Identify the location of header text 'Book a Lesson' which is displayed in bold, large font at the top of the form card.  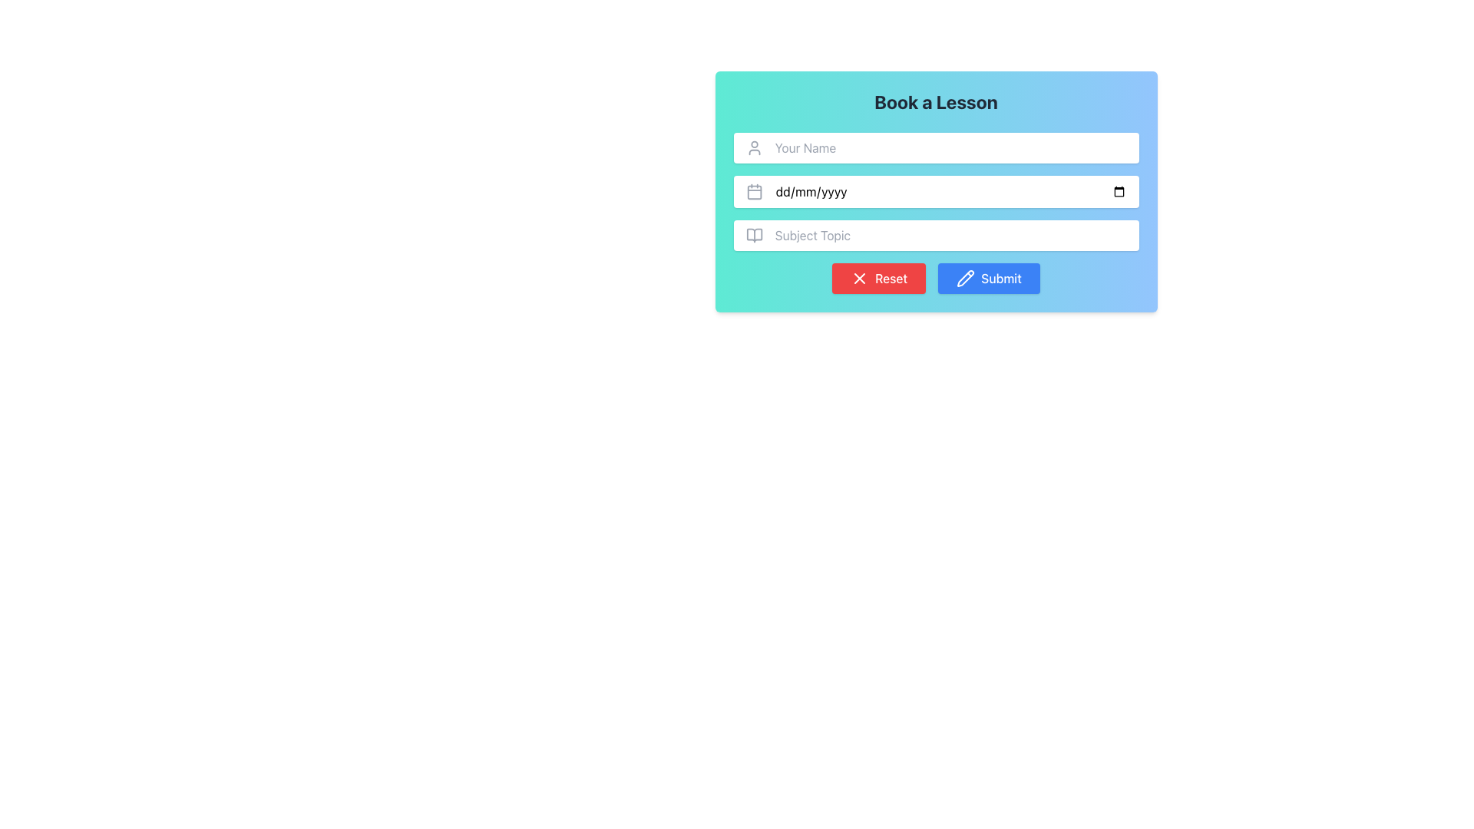
(935, 101).